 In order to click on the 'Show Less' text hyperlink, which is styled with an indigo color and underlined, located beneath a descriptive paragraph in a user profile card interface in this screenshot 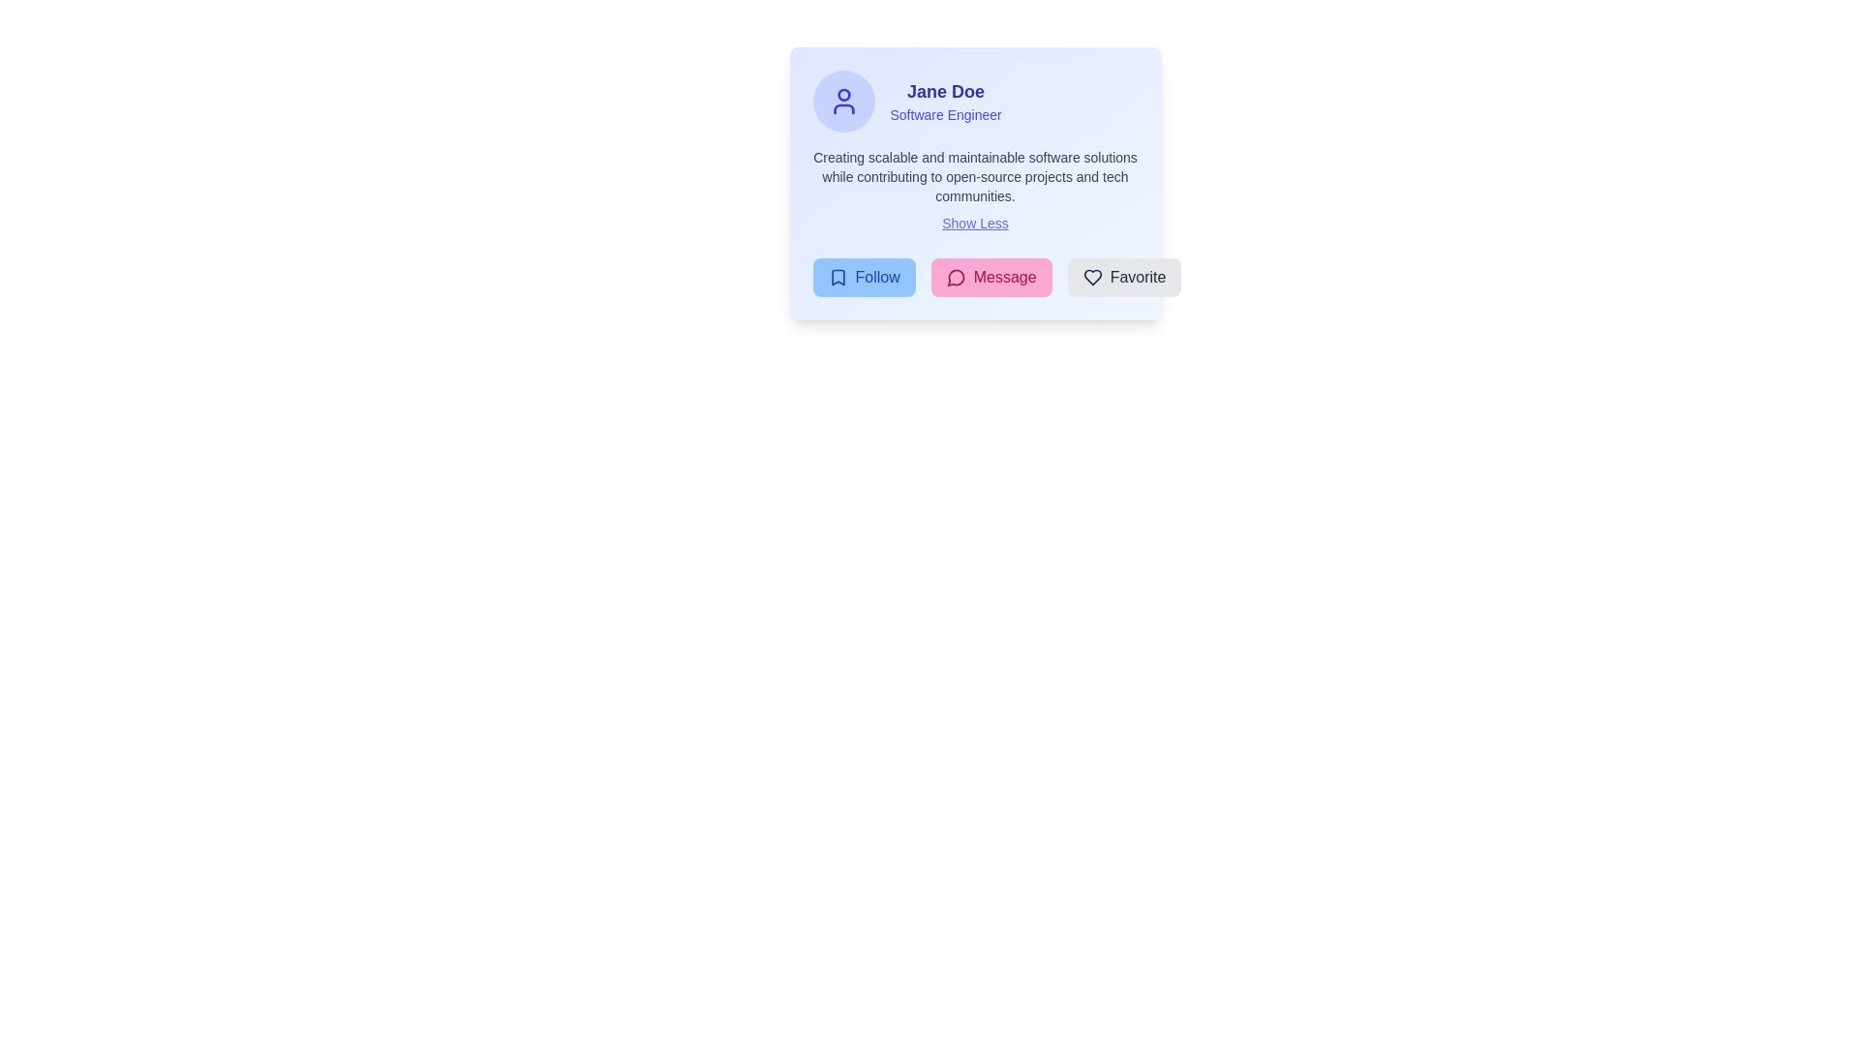, I will do `click(975, 223)`.